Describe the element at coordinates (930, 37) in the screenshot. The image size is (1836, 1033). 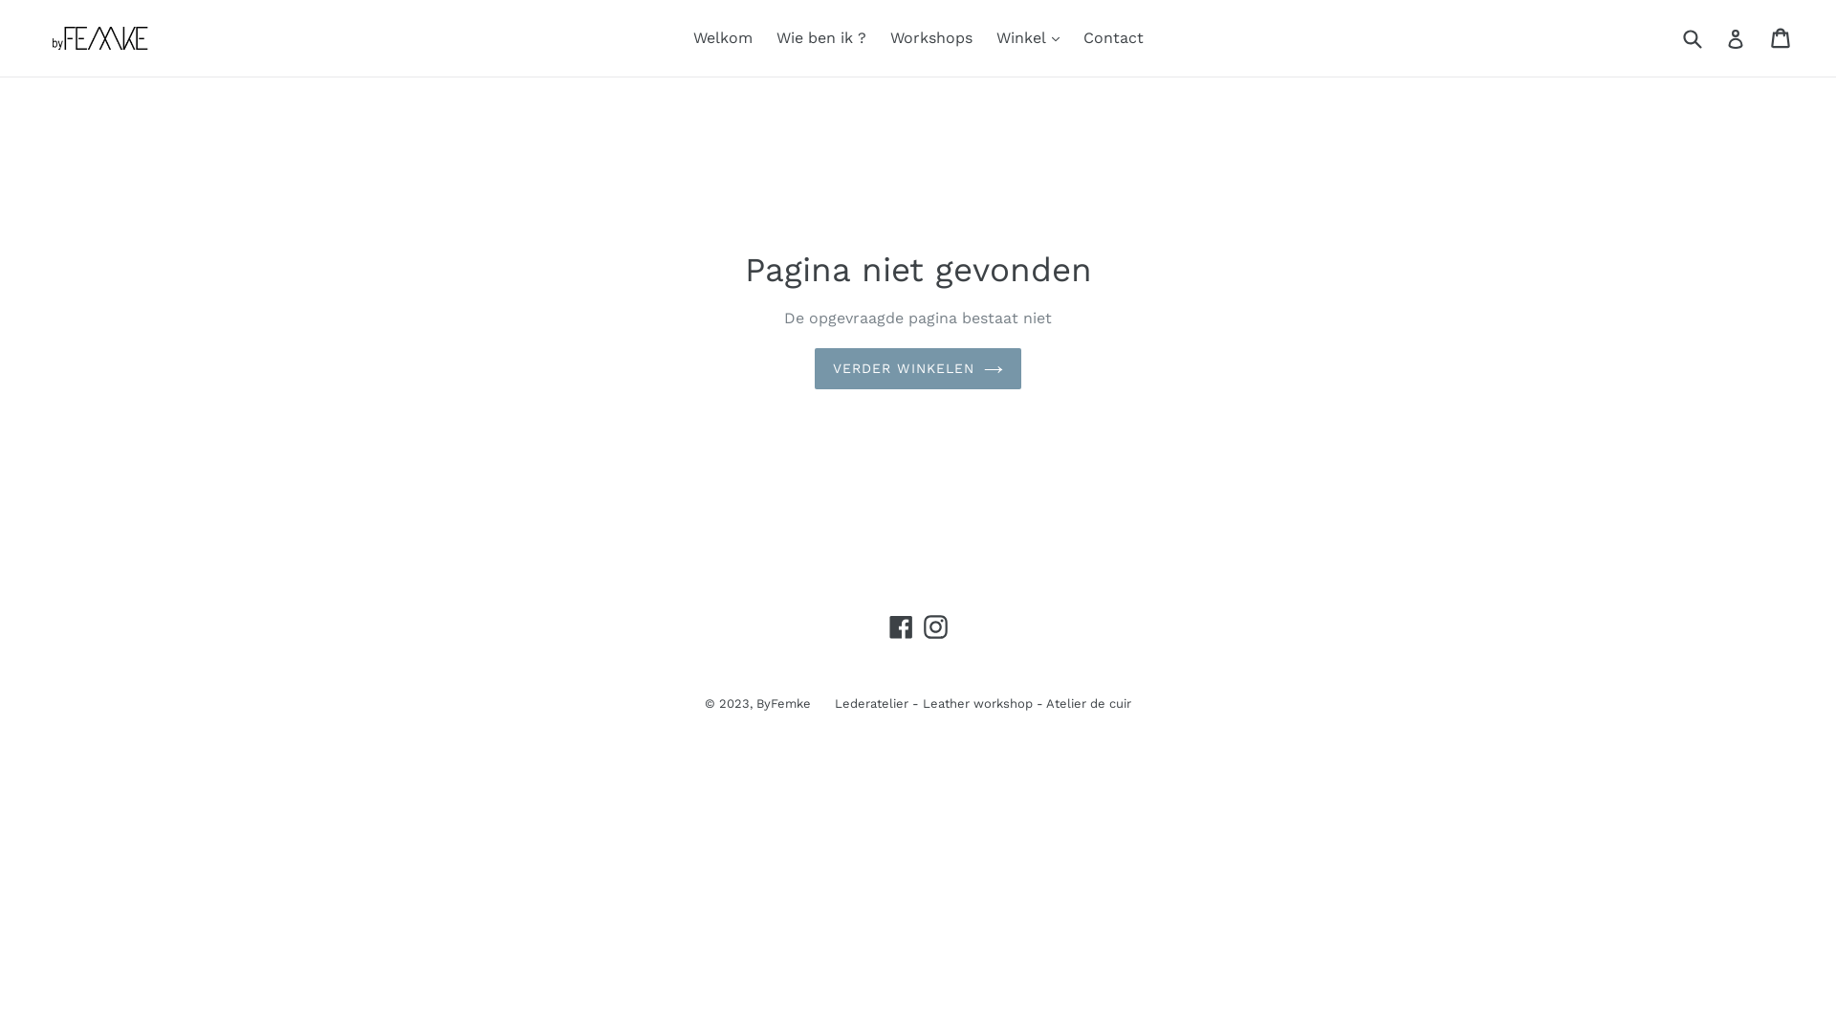
I see `'Workshops'` at that location.